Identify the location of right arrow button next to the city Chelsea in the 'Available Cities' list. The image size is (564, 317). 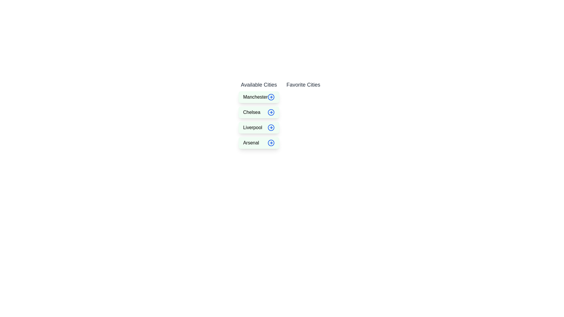
(271, 112).